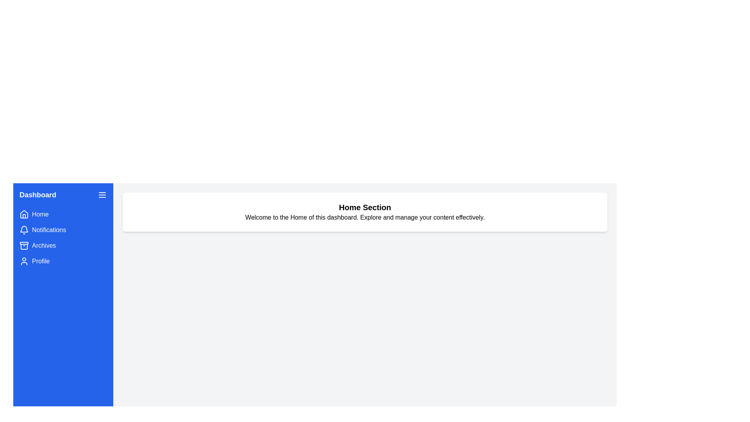 This screenshot has height=422, width=750. I want to click on the navigational item for Notifications, located in the left-side vertical navigation menu, so click(63, 230).